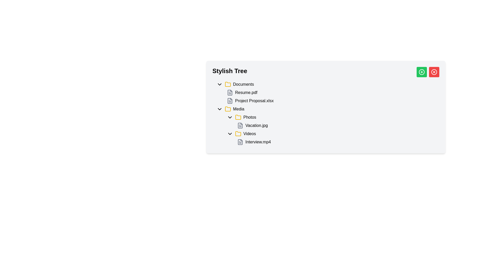 The image size is (495, 278). What do you see at coordinates (219, 109) in the screenshot?
I see `the downward-pointing chevron icon next to the 'Media' label` at bounding box center [219, 109].